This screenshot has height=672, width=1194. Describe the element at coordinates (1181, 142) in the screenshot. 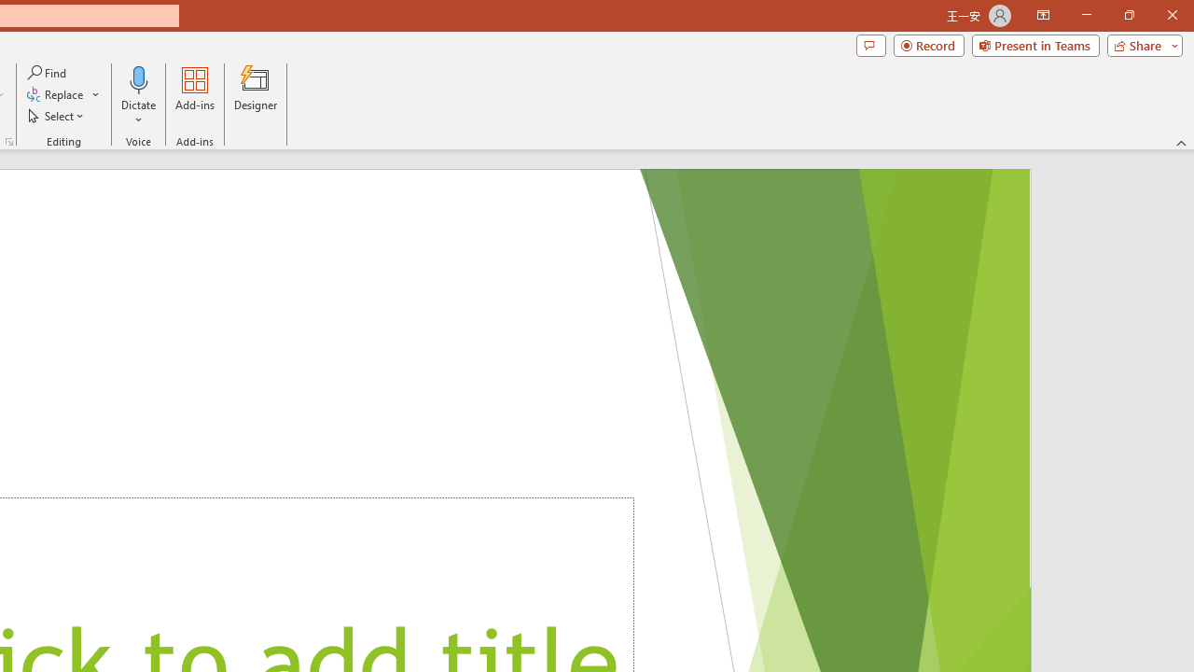

I see `'Collapse the Ribbon'` at that location.